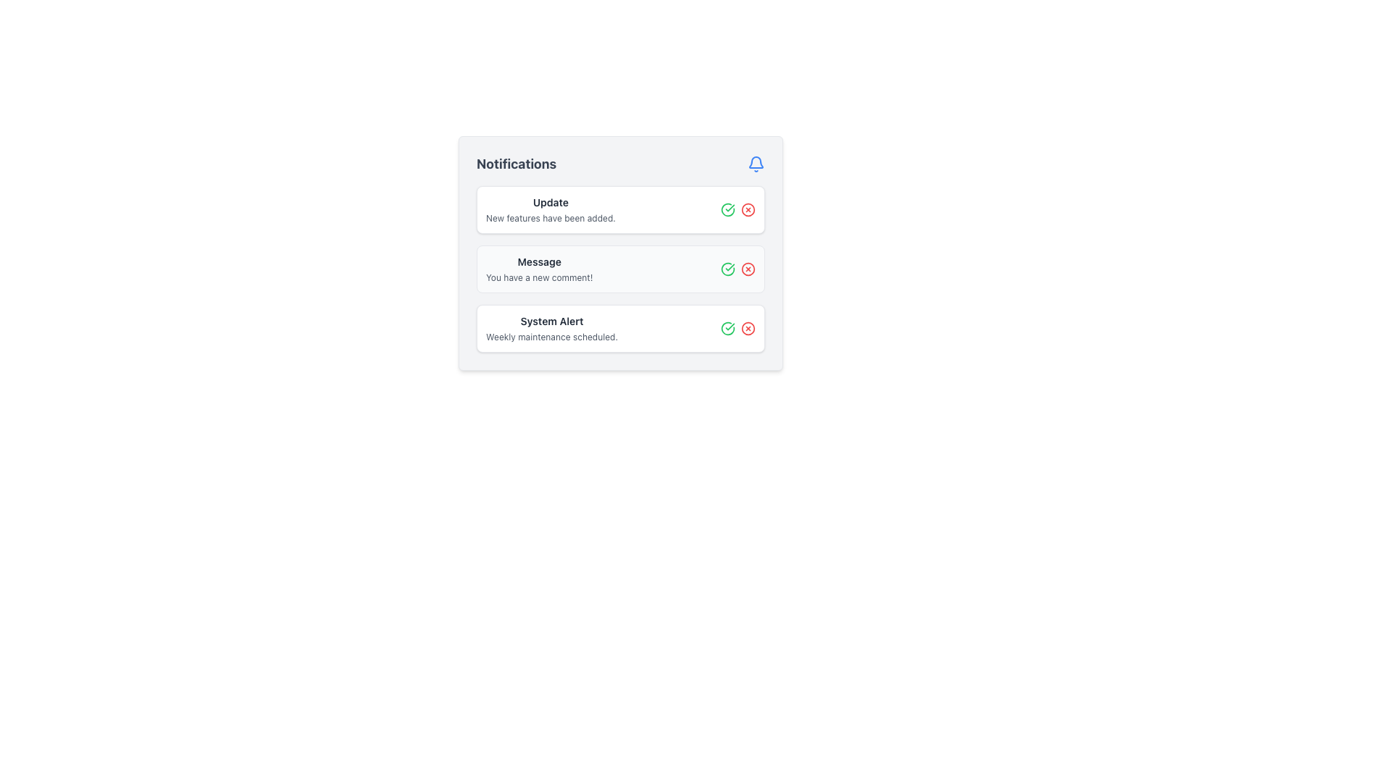 Image resolution: width=1391 pixels, height=782 pixels. I want to click on the notification text element that informs the user about a new comment received, which is the second item in a vertical stack of notifications, so click(538, 269).